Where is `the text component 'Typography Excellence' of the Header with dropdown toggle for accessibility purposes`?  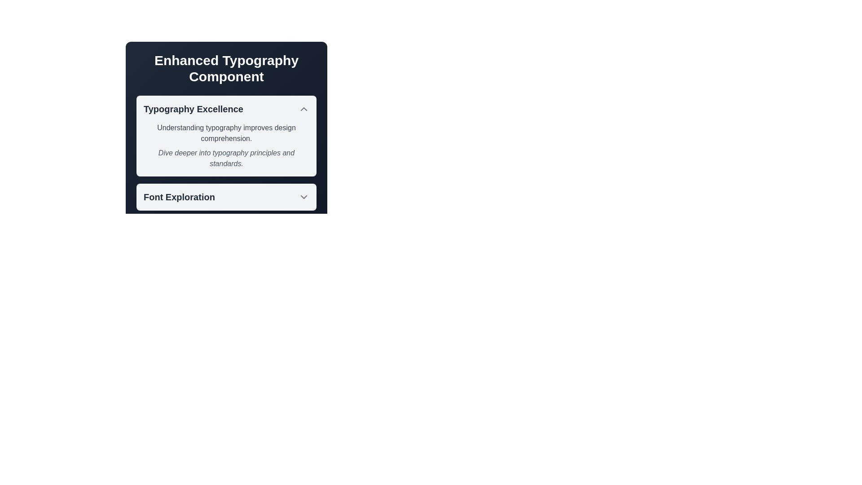
the text component 'Typography Excellence' of the Header with dropdown toggle for accessibility purposes is located at coordinates (226, 109).